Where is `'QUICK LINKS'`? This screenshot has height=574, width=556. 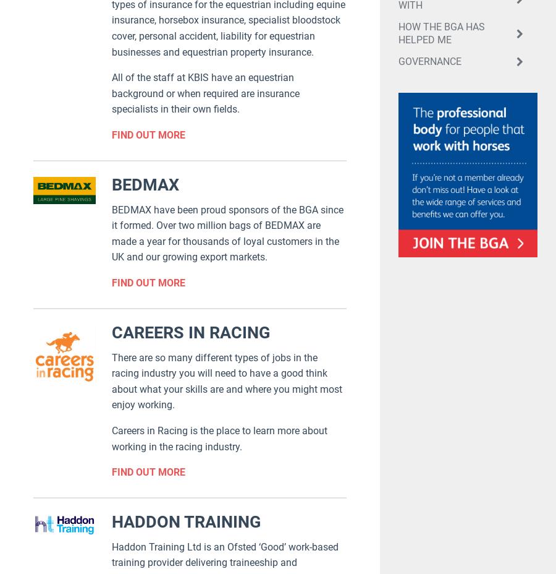
'QUICK LINKS' is located at coordinates (259, 324).